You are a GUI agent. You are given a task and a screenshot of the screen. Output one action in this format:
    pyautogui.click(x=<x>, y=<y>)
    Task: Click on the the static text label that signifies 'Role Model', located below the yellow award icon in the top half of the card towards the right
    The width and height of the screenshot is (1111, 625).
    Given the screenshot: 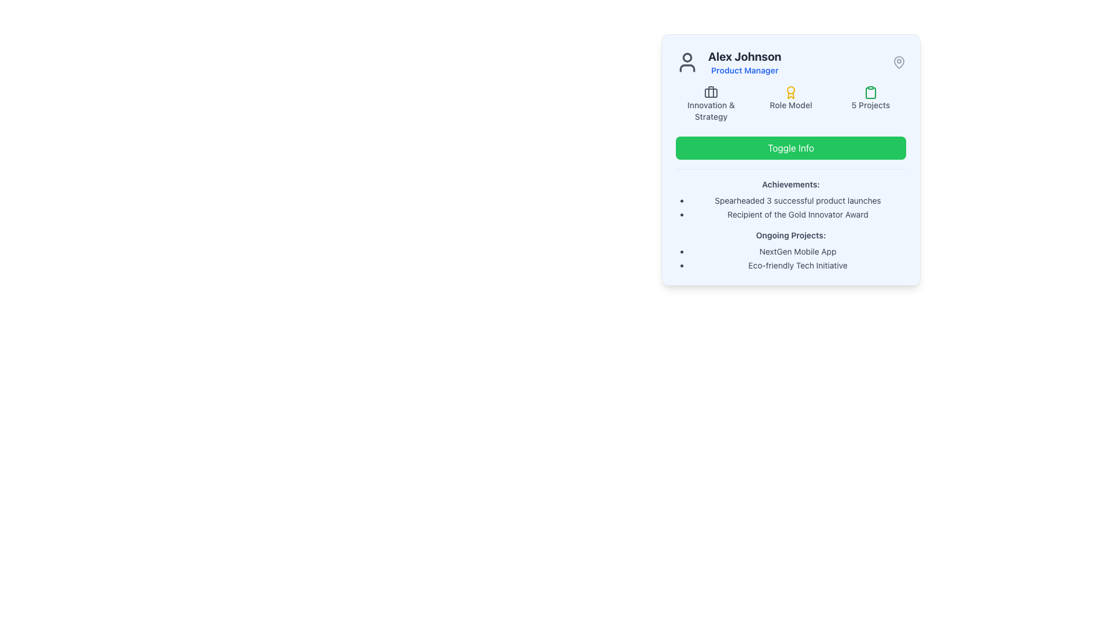 What is the action you would take?
    pyautogui.click(x=790, y=105)
    